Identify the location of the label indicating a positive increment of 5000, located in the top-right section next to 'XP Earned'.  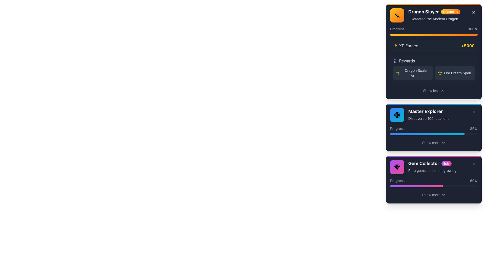
(468, 46).